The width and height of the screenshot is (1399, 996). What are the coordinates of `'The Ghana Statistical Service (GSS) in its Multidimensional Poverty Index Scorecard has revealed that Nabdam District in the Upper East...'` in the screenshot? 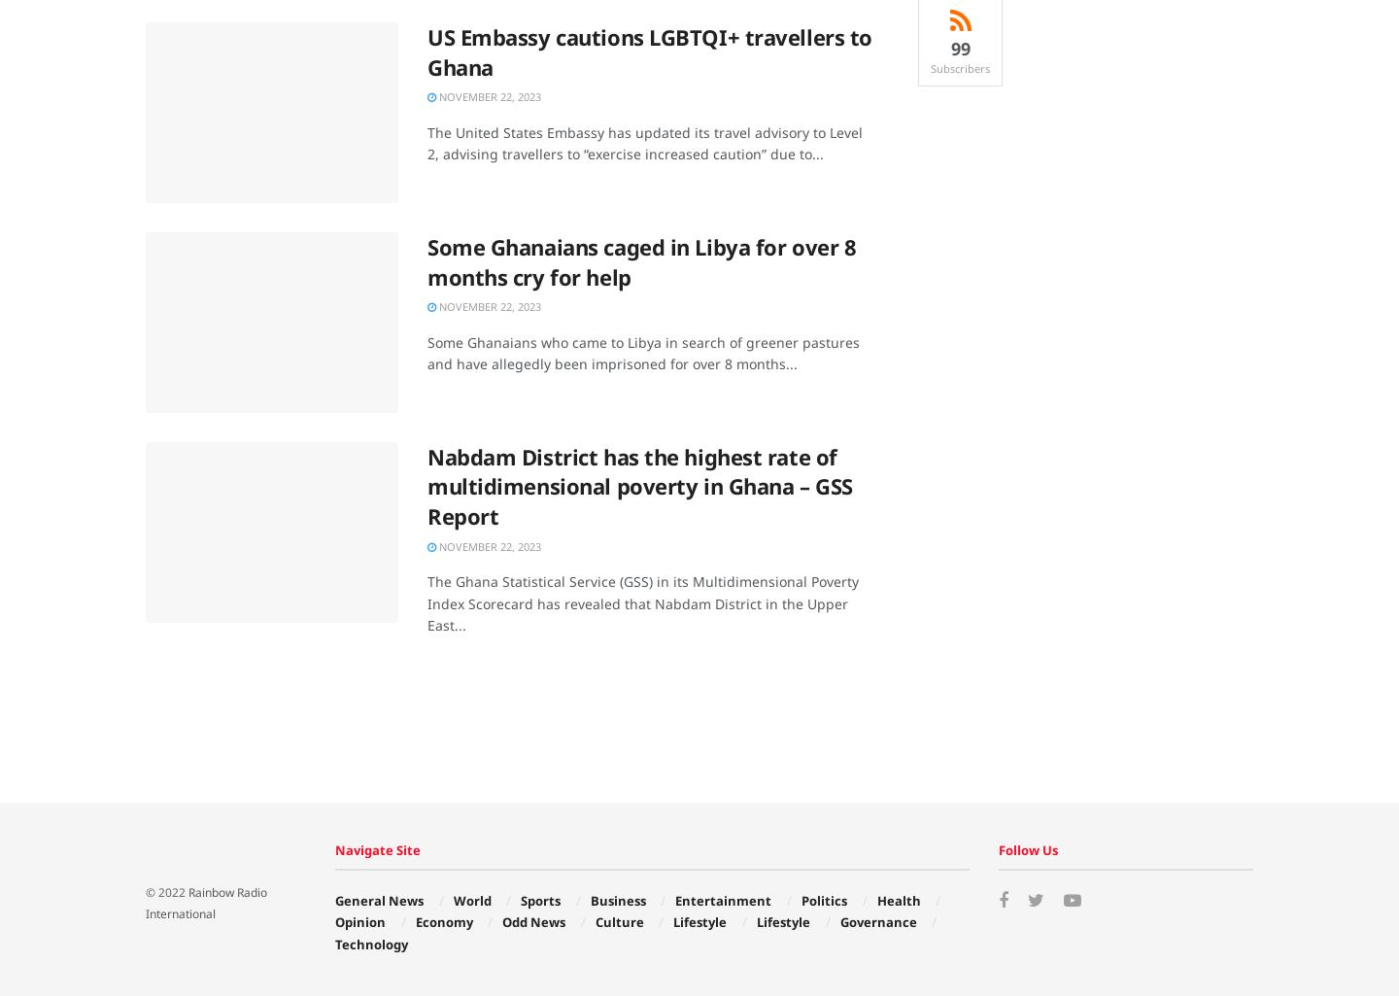 It's located at (642, 602).